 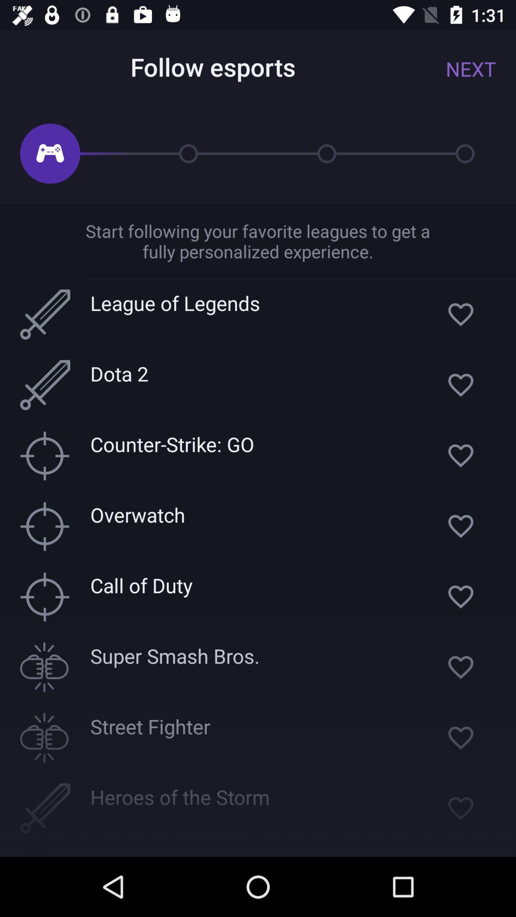 I want to click on the box beside league, so click(x=45, y=314).